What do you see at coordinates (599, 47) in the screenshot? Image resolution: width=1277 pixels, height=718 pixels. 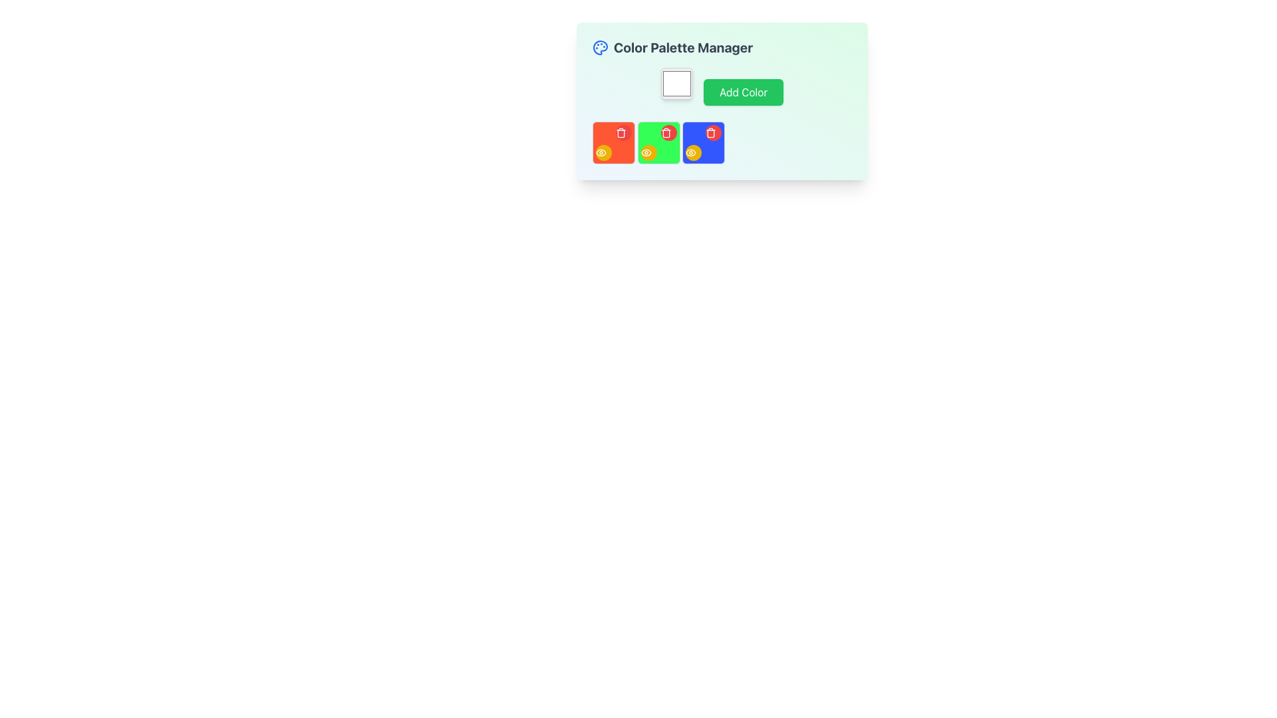 I see `the decorative icon representing the 'Color Palette Manager' section, located at the top-left of the section, adjacent to the title text` at bounding box center [599, 47].